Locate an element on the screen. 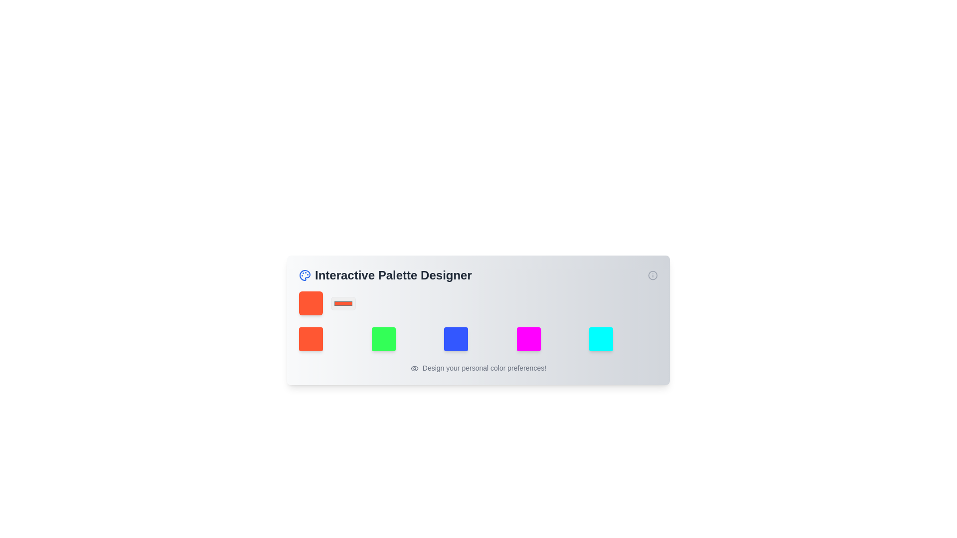  the second interactive circle with a bright green background in the 'Interactive Palette Designer' section is located at coordinates (383, 339).